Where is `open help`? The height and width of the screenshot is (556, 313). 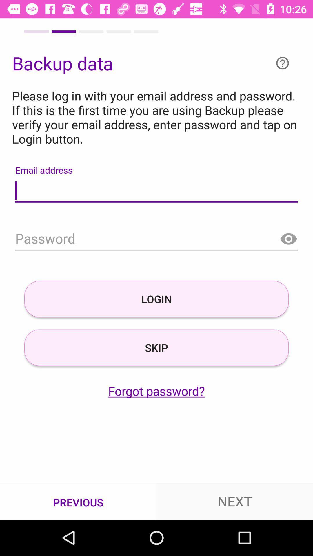
open help is located at coordinates (282, 63).